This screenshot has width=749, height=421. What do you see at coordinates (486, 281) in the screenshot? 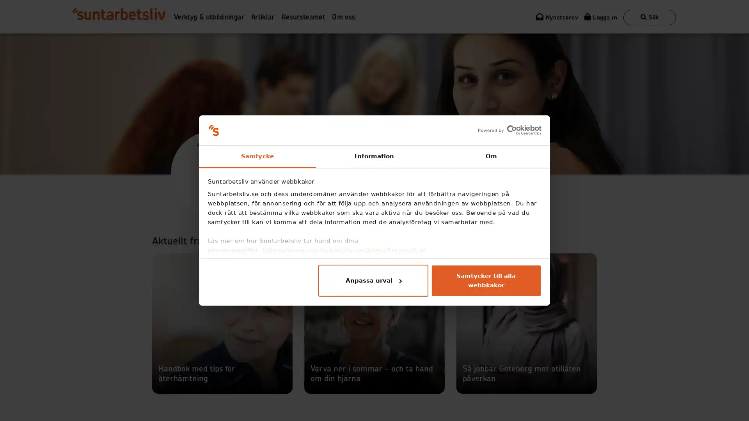
I see `Samtycker till alla webbkakor` at bounding box center [486, 281].